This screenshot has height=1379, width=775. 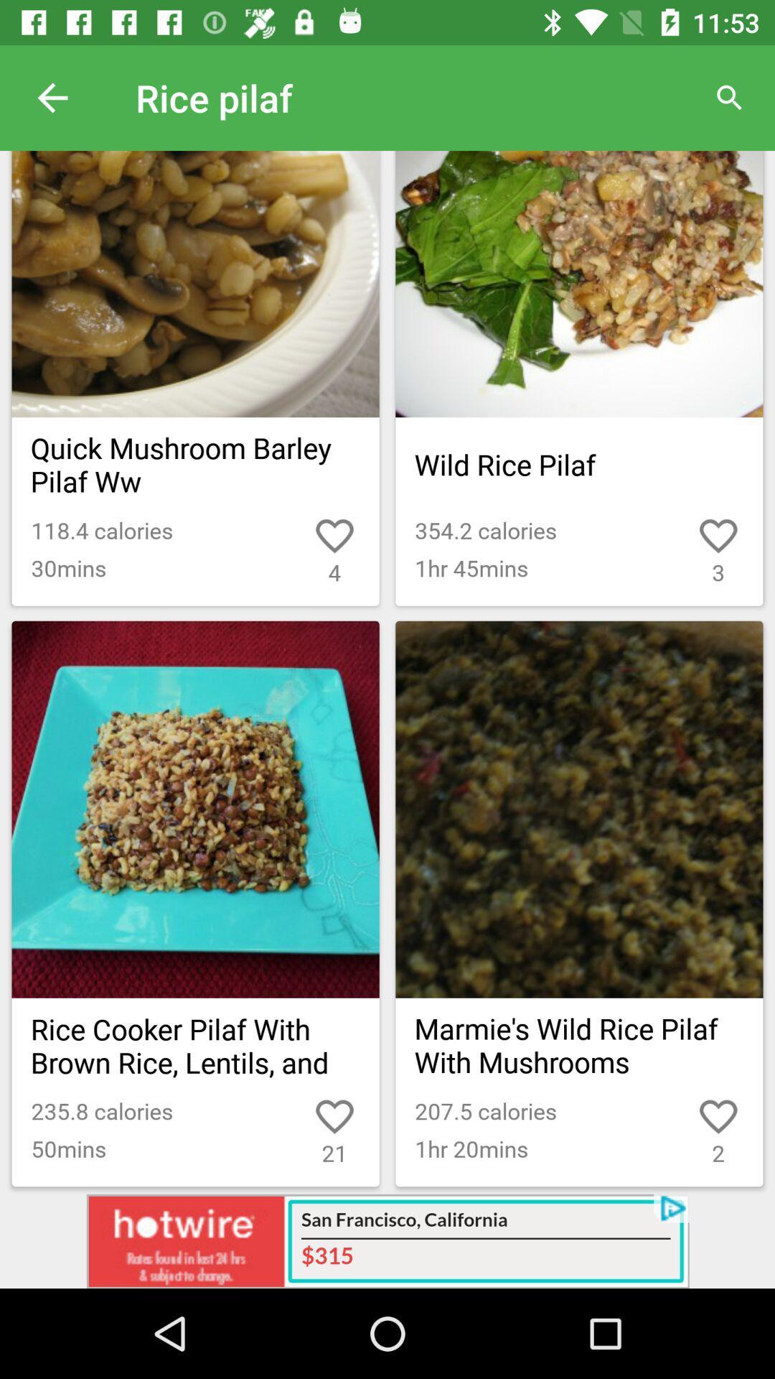 I want to click on 1st row 1st image of the page, so click(x=196, y=284).